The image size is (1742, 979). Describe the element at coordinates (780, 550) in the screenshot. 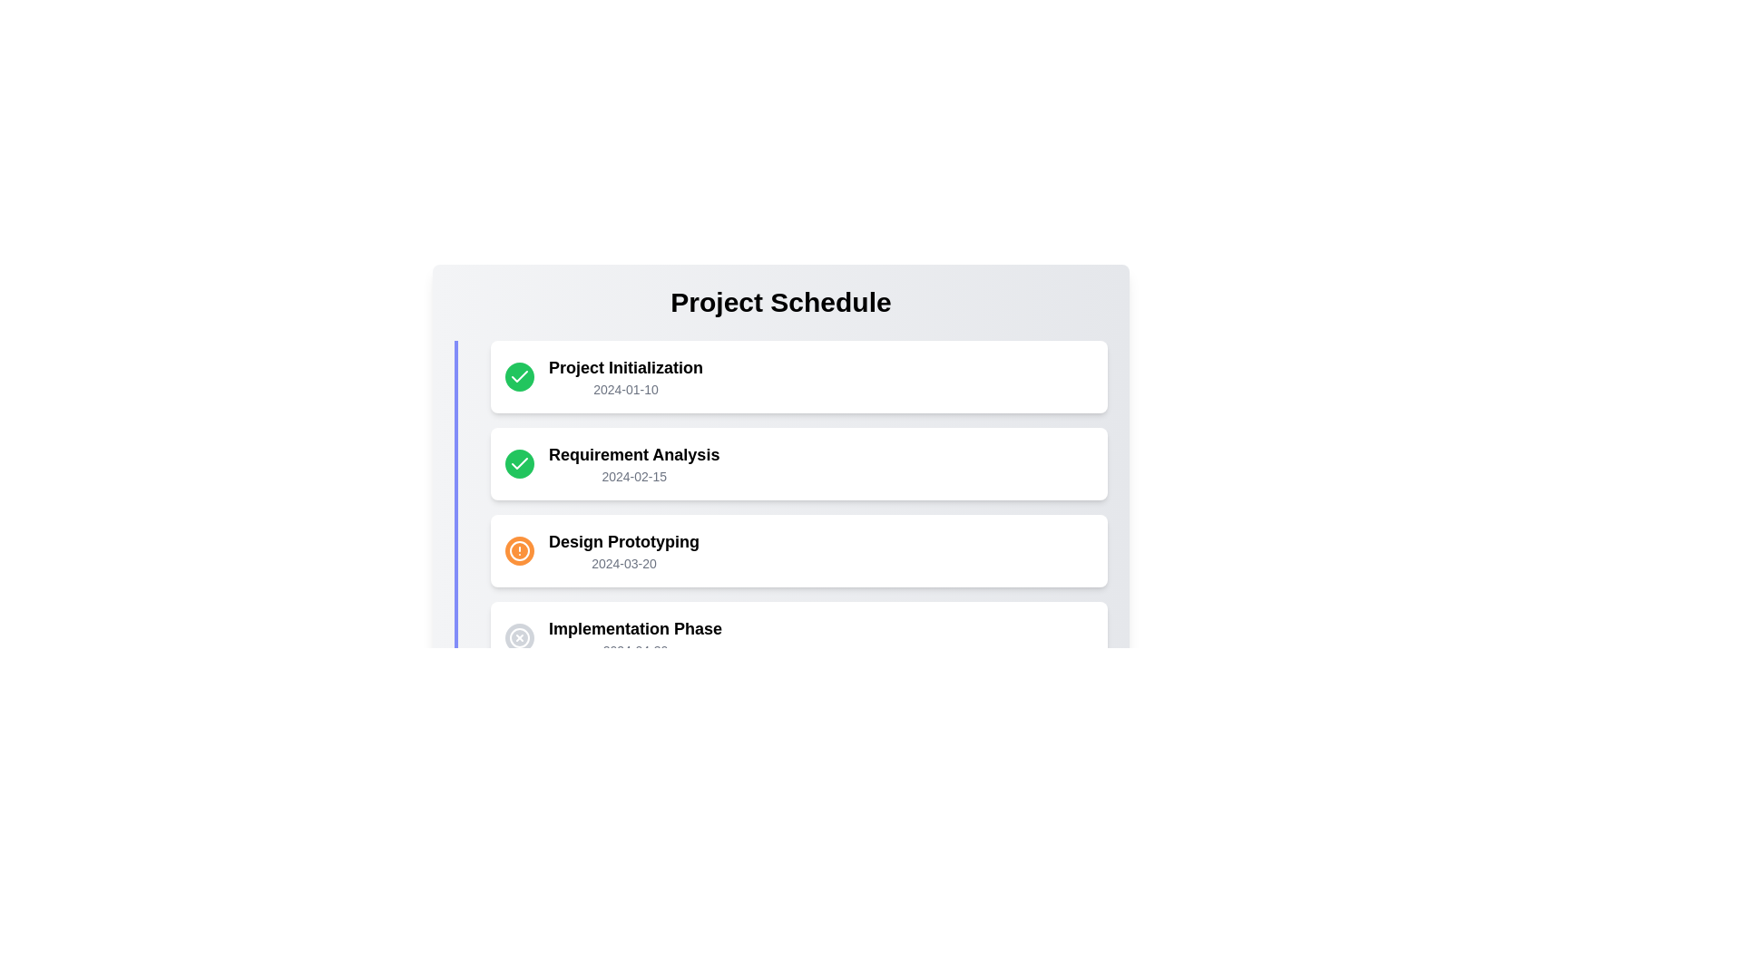

I see `the task card that represents a specific task or stage within the project timeline` at that location.